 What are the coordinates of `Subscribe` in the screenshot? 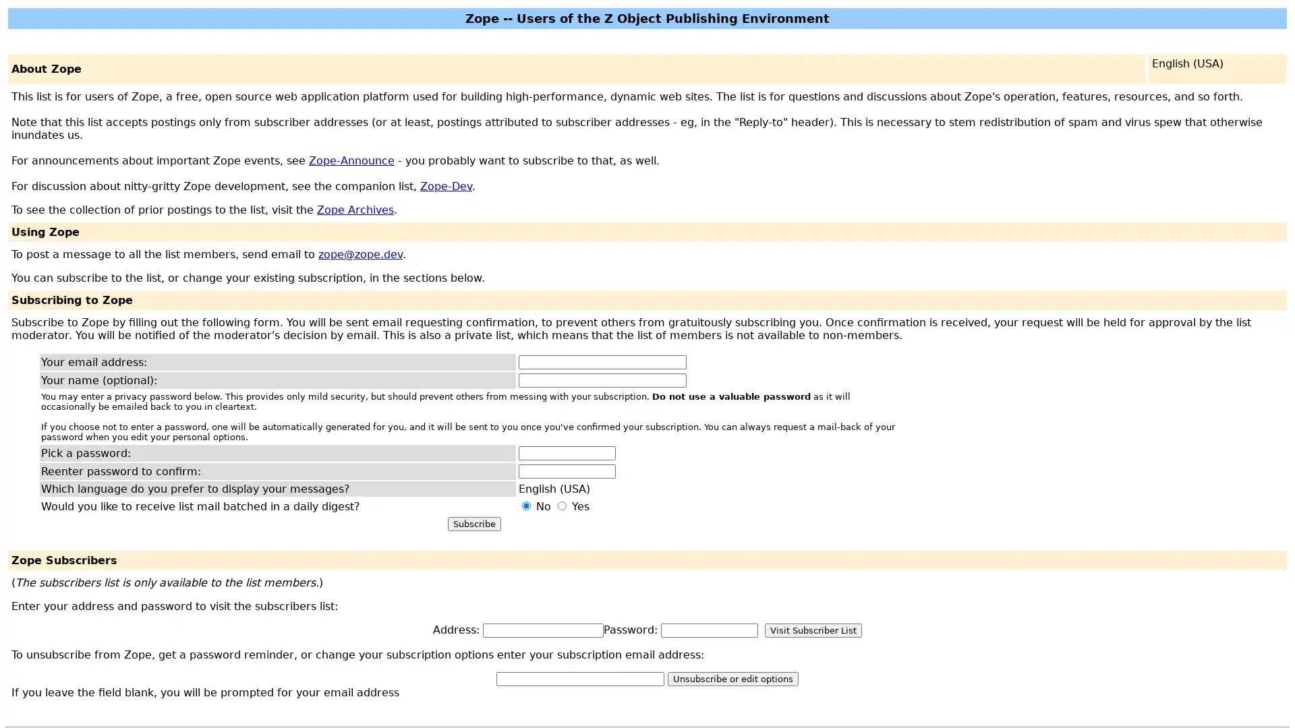 It's located at (473, 523).